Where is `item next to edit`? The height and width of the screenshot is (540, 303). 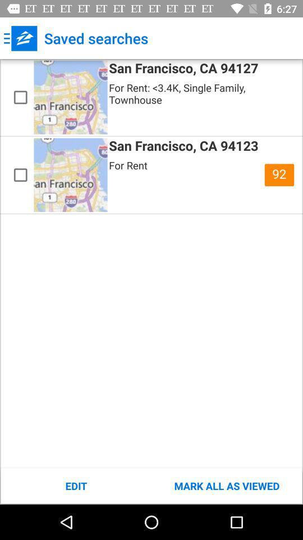
item next to edit is located at coordinates (227, 485).